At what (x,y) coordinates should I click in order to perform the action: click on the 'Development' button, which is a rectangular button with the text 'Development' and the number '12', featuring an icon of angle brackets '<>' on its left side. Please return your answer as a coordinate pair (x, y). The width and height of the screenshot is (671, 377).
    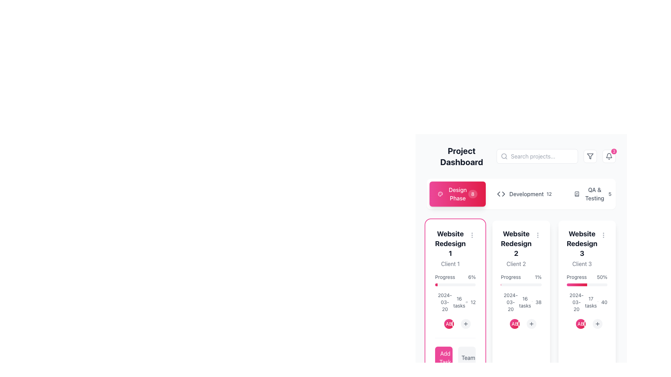
    Looking at the image, I should click on (526, 194).